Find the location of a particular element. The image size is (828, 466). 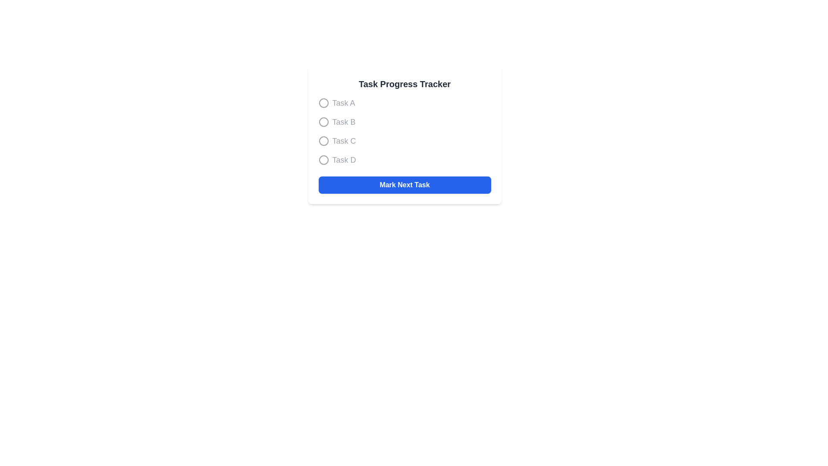

the circular radio button outlined in gray is located at coordinates (323, 122).